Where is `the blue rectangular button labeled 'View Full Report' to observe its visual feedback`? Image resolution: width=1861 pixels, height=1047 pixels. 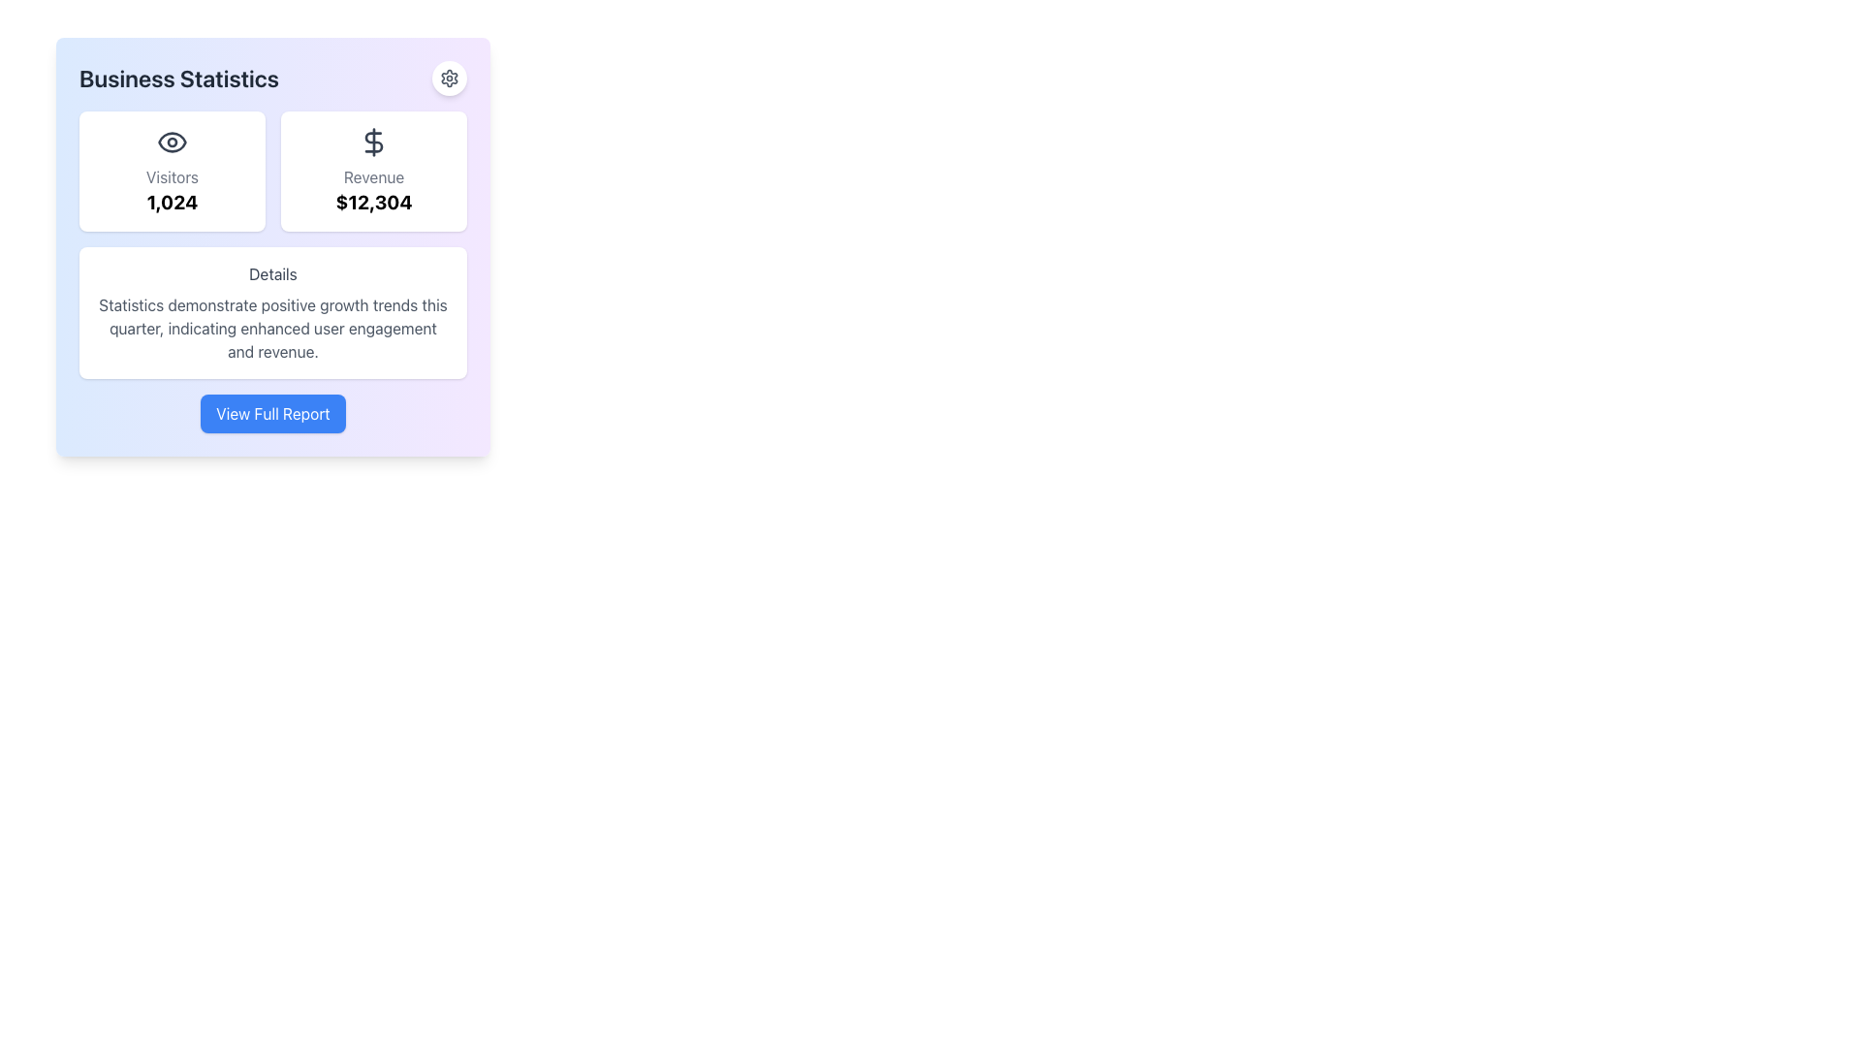 the blue rectangular button labeled 'View Full Report' to observe its visual feedback is located at coordinates (272, 413).